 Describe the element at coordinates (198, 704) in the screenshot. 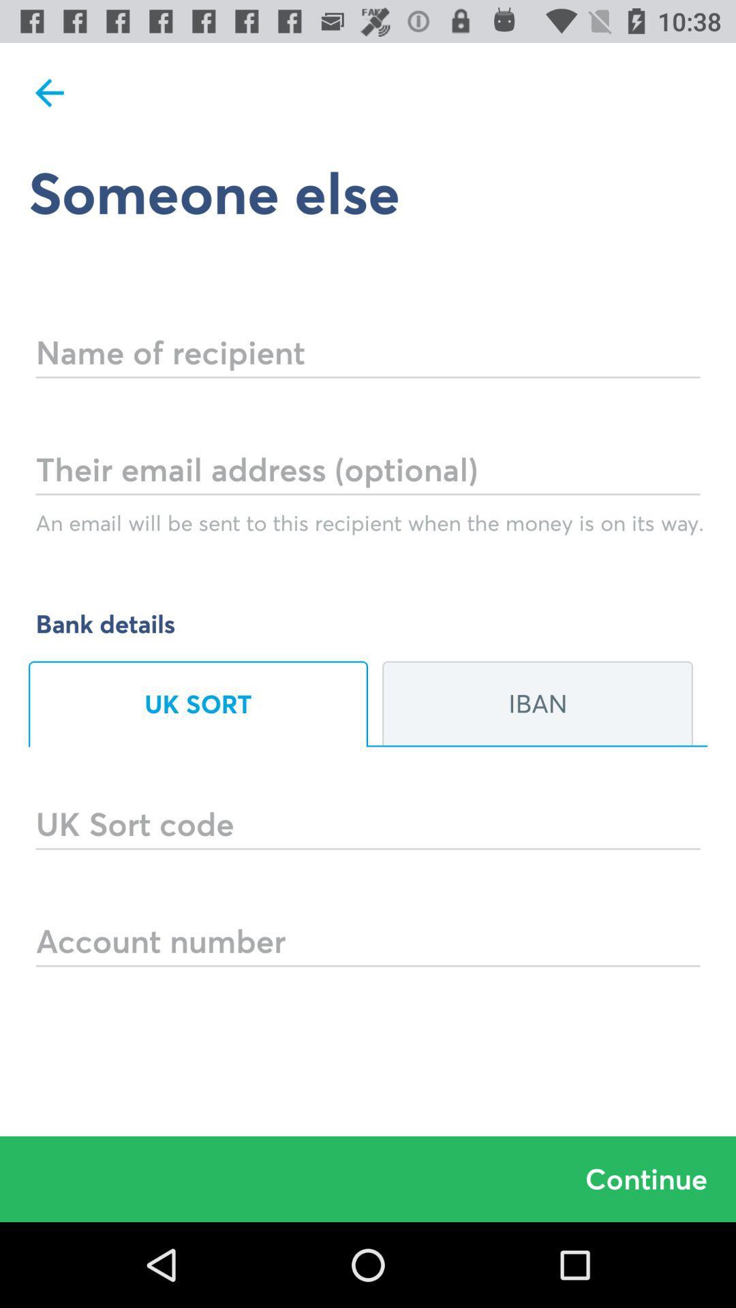

I see `item to the left of the iban icon` at that location.